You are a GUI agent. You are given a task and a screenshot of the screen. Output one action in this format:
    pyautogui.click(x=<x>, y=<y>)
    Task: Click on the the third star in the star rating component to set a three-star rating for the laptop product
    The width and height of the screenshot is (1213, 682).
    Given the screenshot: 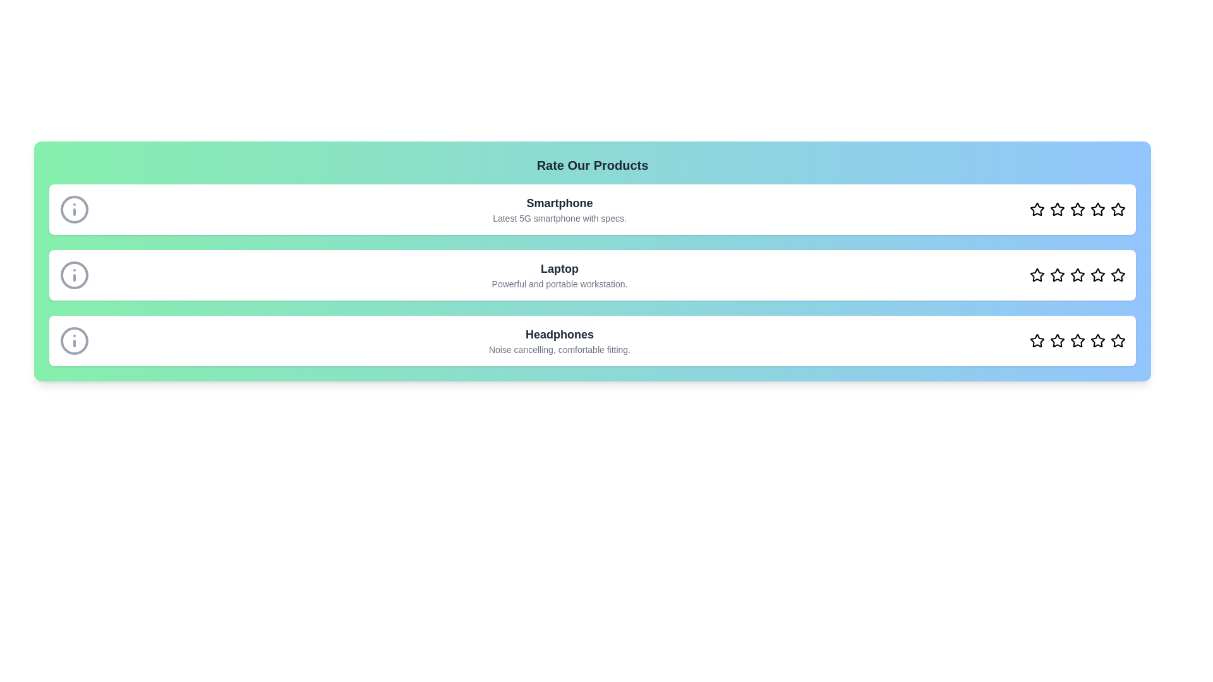 What is the action you would take?
    pyautogui.click(x=1077, y=274)
    